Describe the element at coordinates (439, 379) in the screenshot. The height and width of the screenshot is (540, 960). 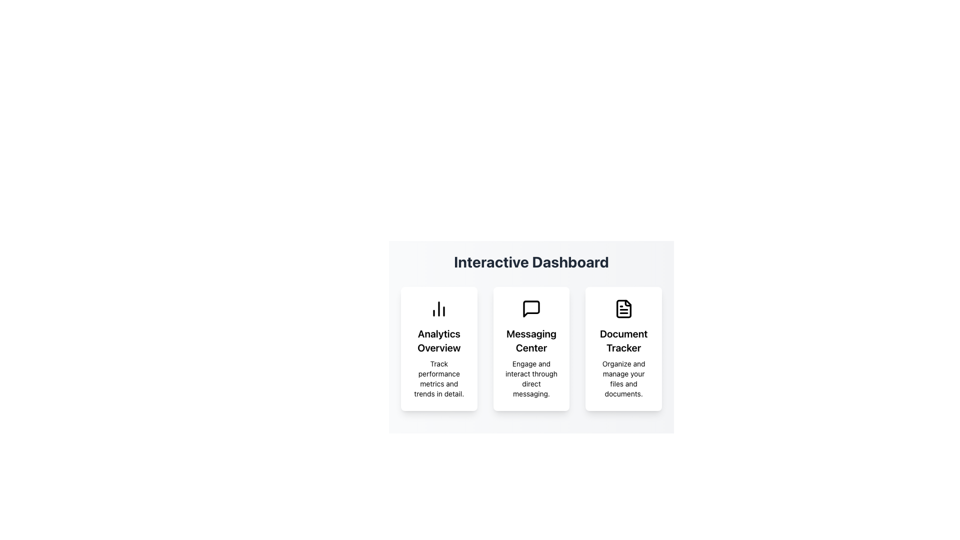
I see `the text element that displays 'Track performance metrics and trends in detail.' located centrally beneath the title 'Analytics Overview' in the leftmost card of the interface` at that location.